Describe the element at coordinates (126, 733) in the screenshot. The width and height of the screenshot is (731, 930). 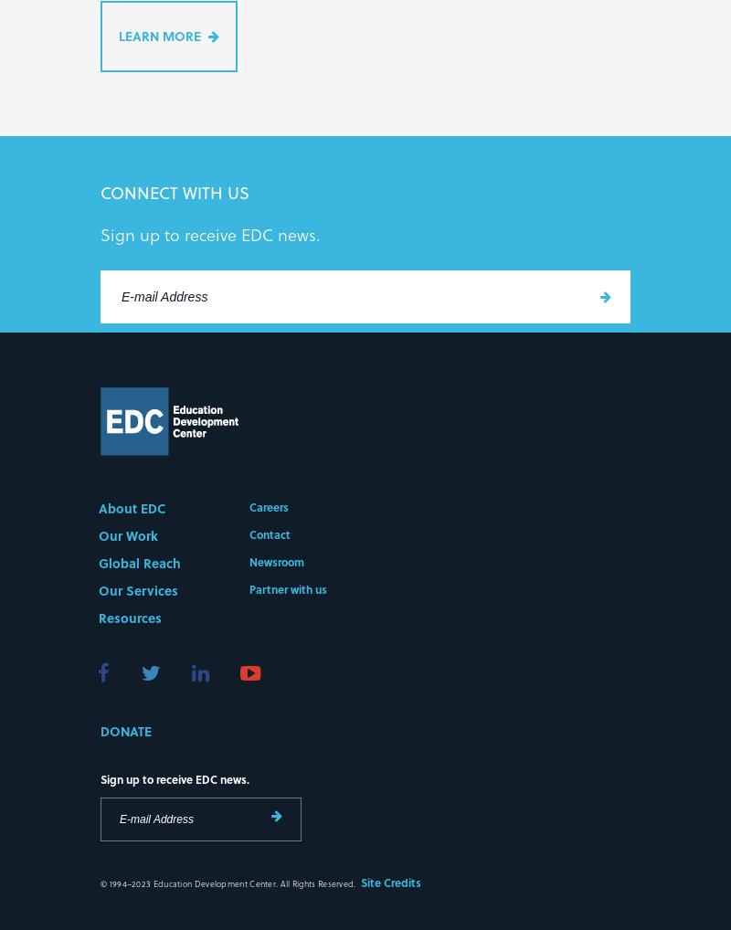
I see `'Donate'` at that location.